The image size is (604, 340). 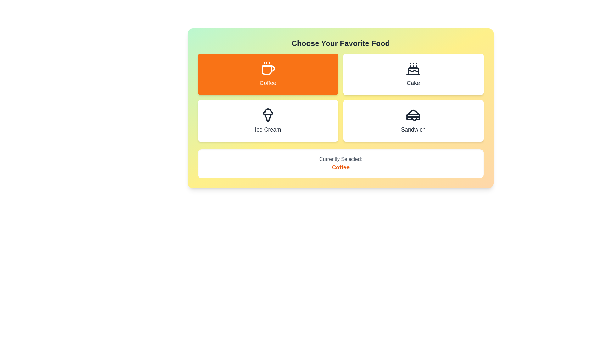 I want to click on the category button corresponding to Coffee, so click(x=268, y=74).